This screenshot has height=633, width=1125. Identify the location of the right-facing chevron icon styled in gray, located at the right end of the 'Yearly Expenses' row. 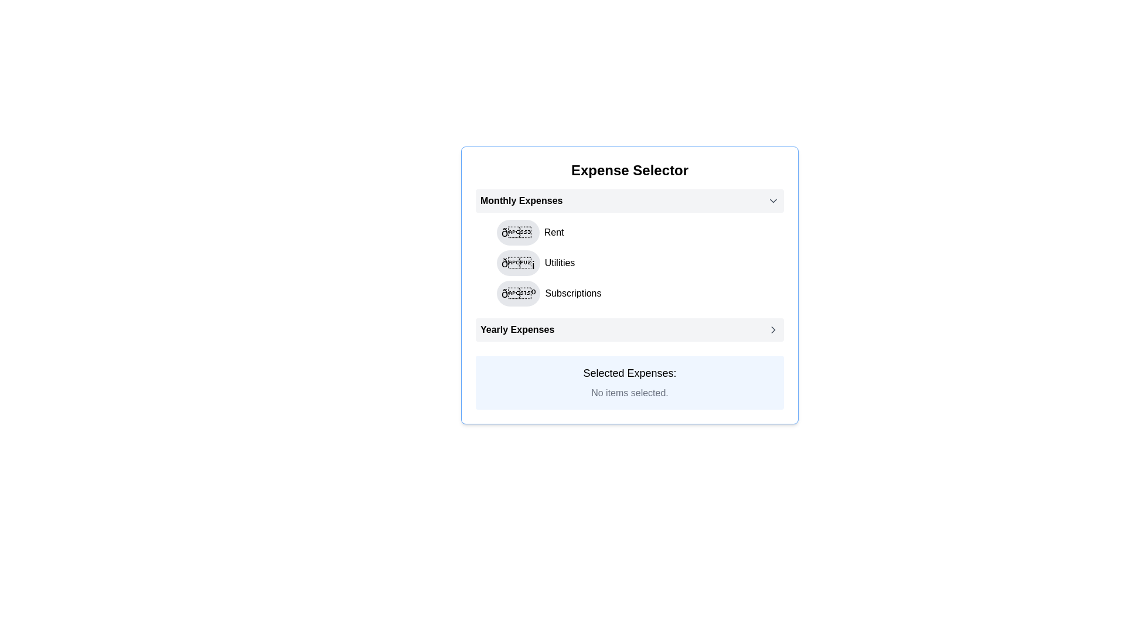
(773, 330).